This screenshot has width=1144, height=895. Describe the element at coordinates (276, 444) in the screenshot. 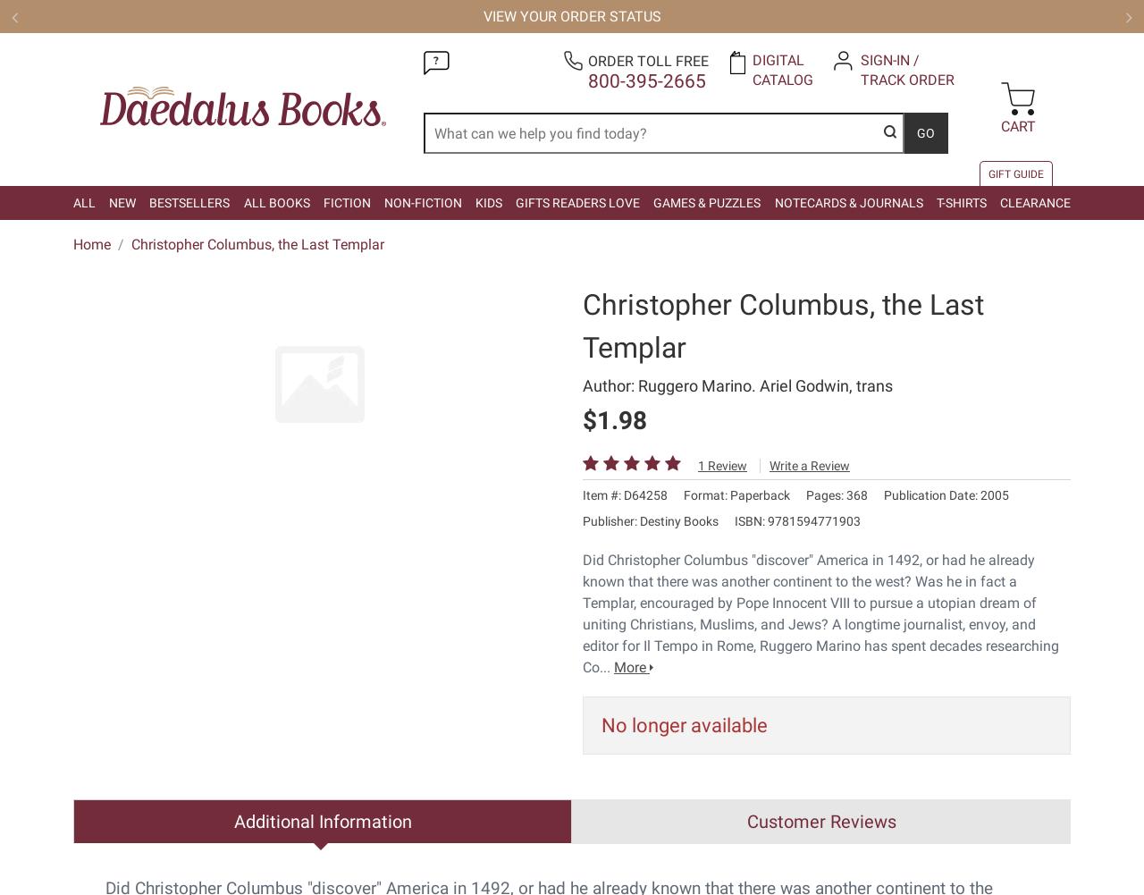

I see `'Order Status'` at that location.